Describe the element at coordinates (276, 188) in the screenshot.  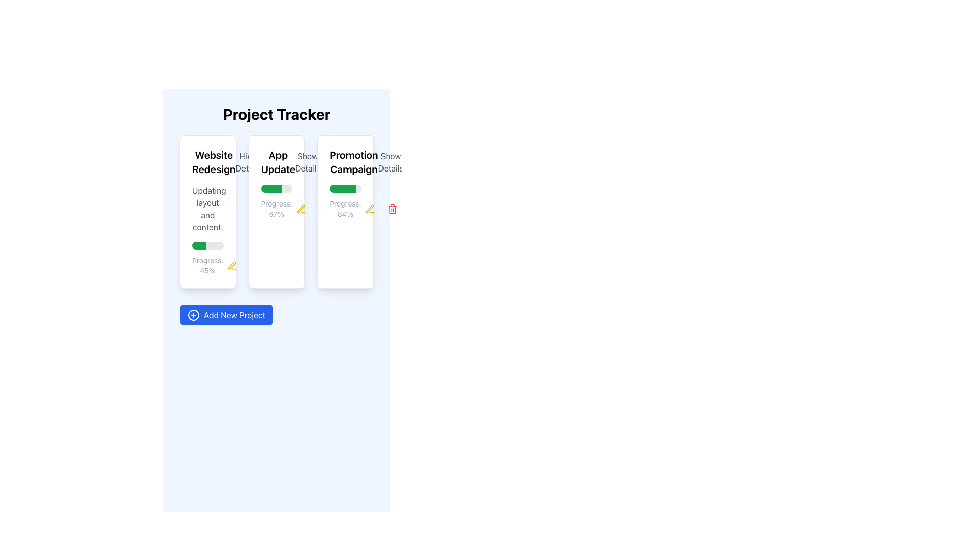
I see `the progress bar that visually represents 67% completion, located within the 'App Update' card under the 'Project Tracker' section, specifically in the middle card` at that location.